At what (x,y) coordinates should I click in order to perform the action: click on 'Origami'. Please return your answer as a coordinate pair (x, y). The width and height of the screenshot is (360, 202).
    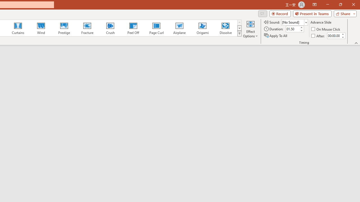
    Looking at the image, I should click on (202, 28).